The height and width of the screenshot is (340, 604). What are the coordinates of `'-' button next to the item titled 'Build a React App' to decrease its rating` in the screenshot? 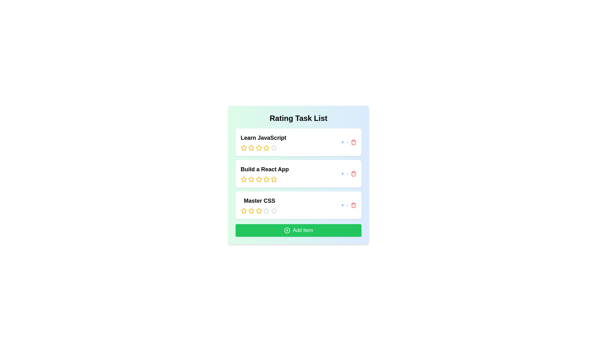 It's located at (347, 173).